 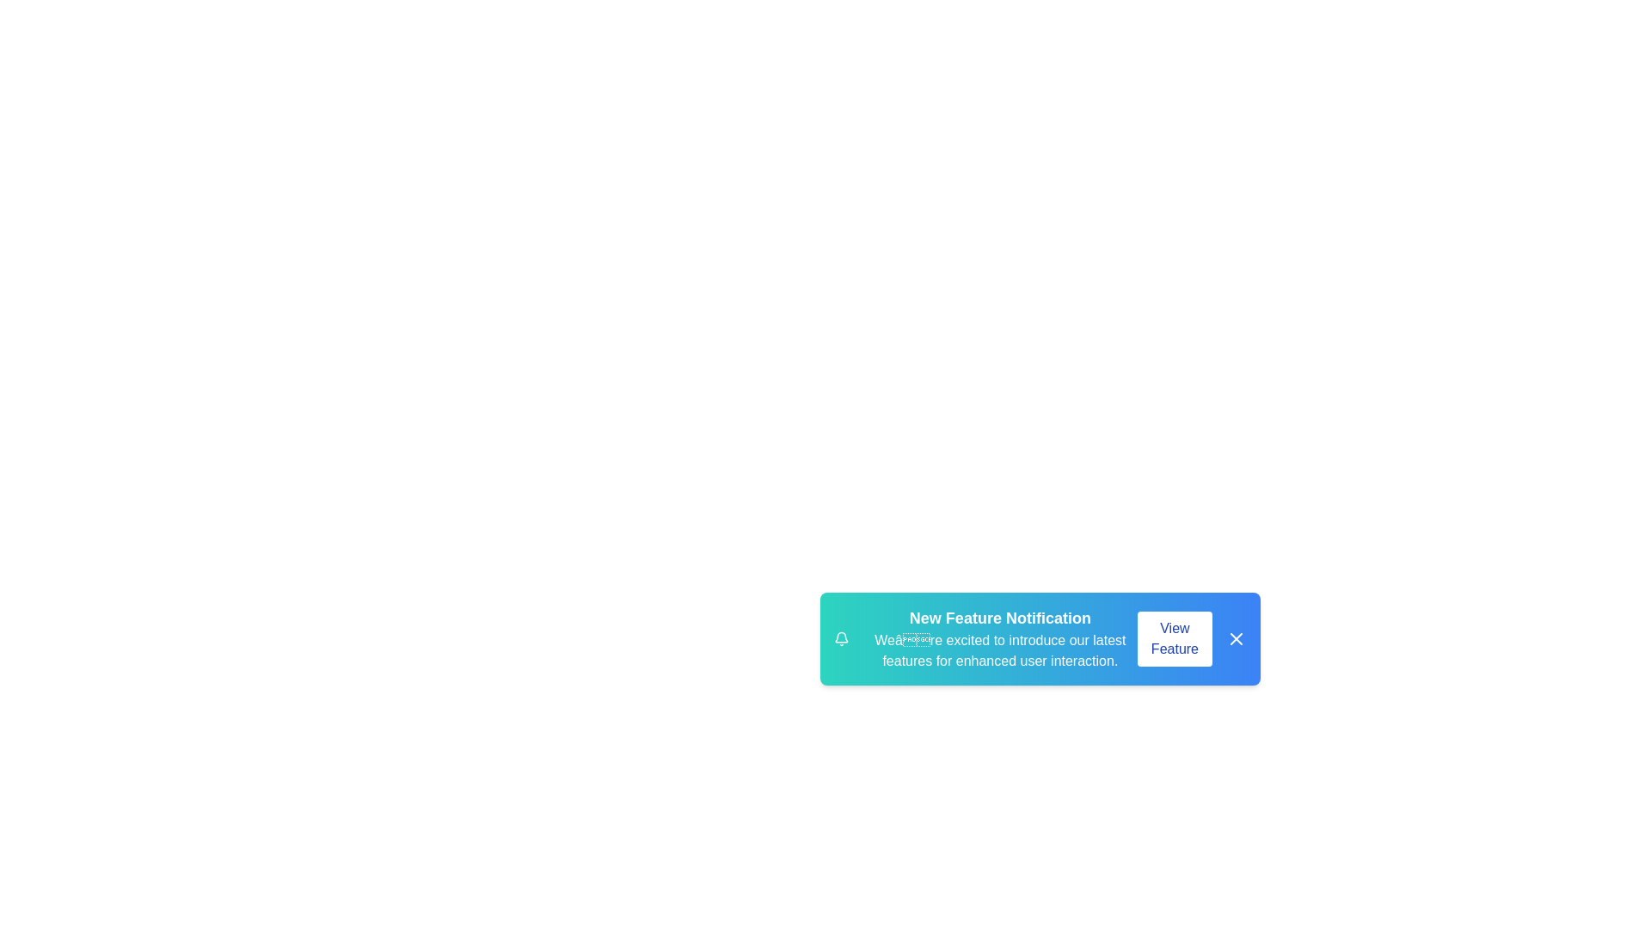 What do you see at coordinates (841, 639) in the screenshot?
I see `the notification bell icon to explore its interactivity` at bounding box center [841, 639].